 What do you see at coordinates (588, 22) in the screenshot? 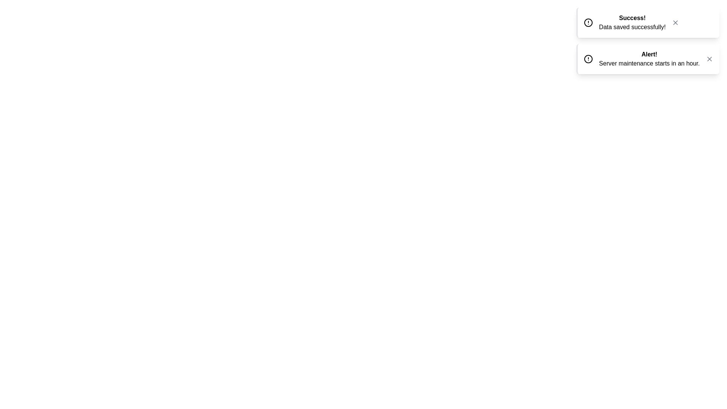
I see `the icon of the first toast notification` at bounding box center [588, 22].